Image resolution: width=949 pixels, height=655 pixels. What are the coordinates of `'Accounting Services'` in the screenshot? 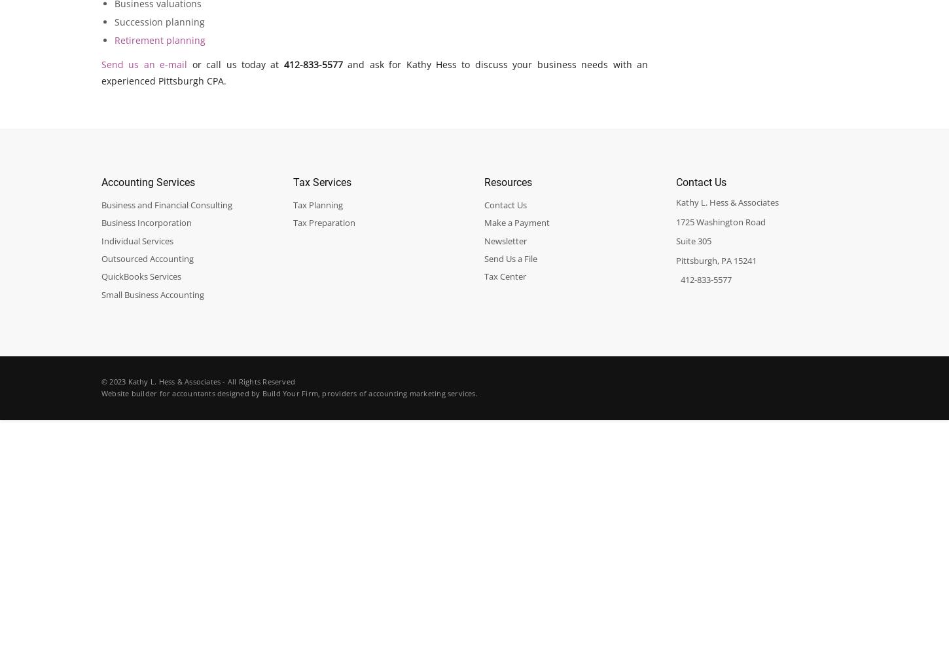 It's located at (147, 181).